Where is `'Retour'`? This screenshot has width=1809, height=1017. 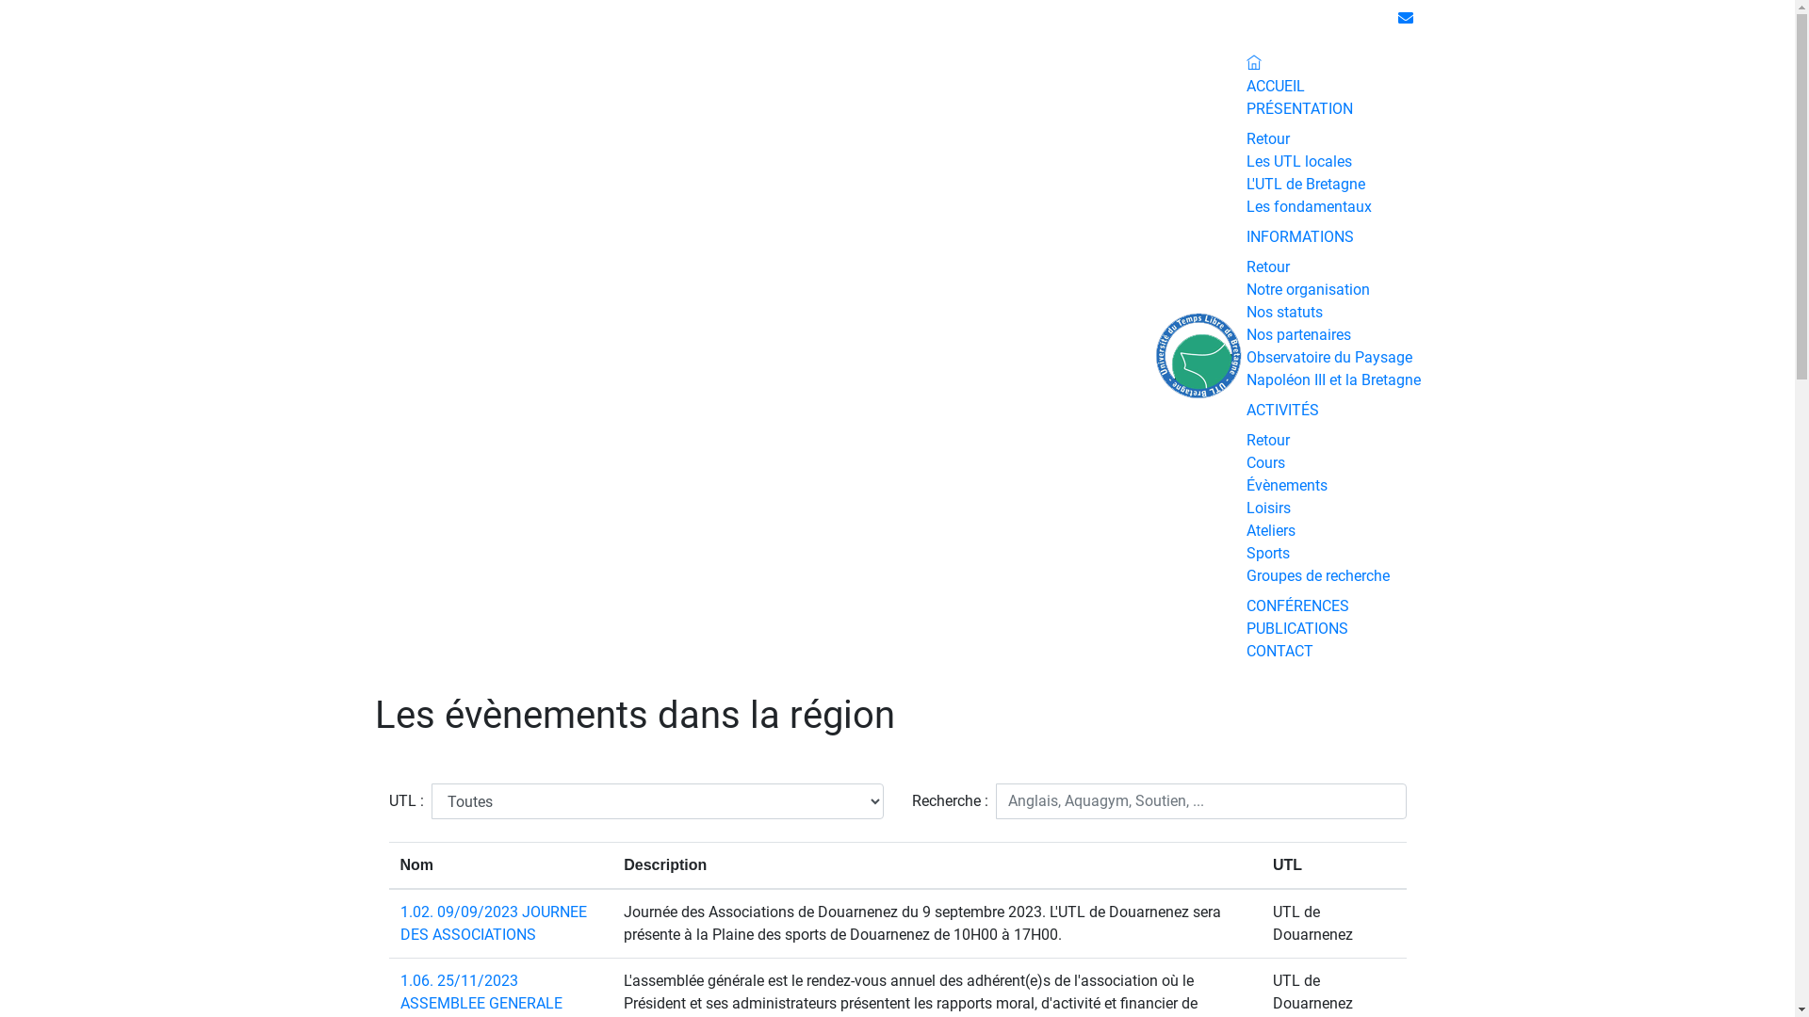
'Retour' is located at coordinates (1266, 137).